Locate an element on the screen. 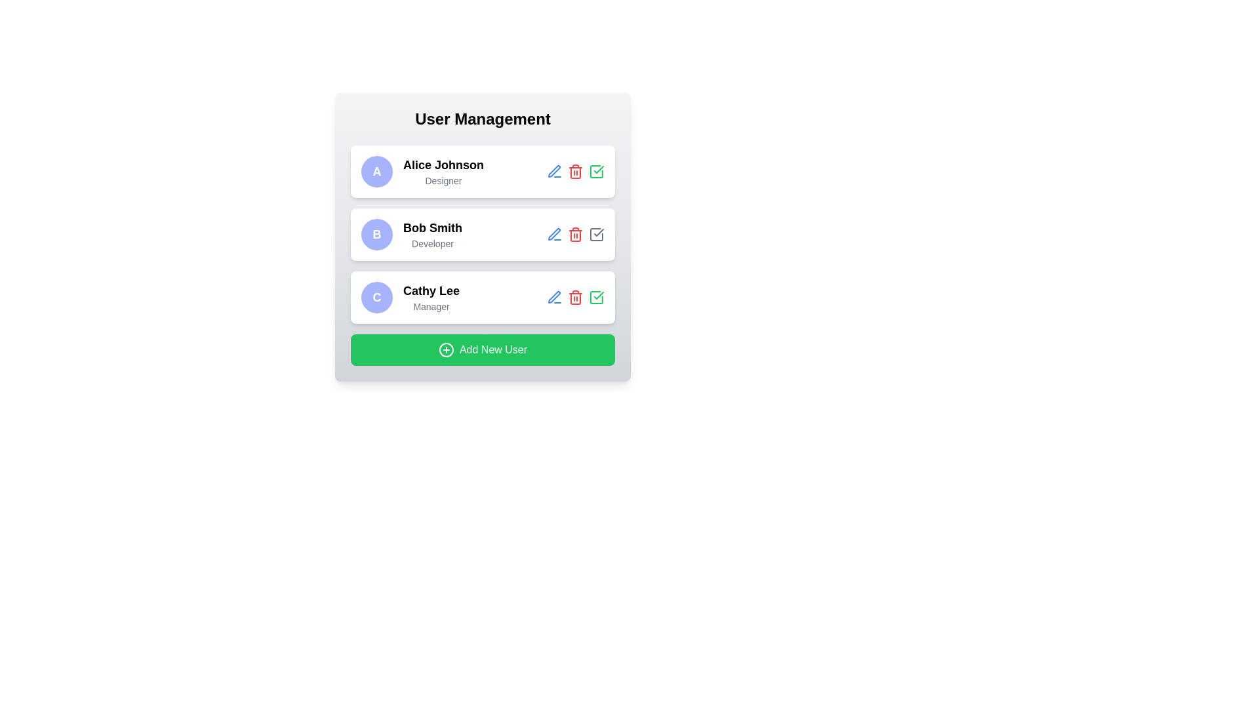  the green checkmark icon representing approval for user 'Alice Johnson' is located at coordinates (596, 171).